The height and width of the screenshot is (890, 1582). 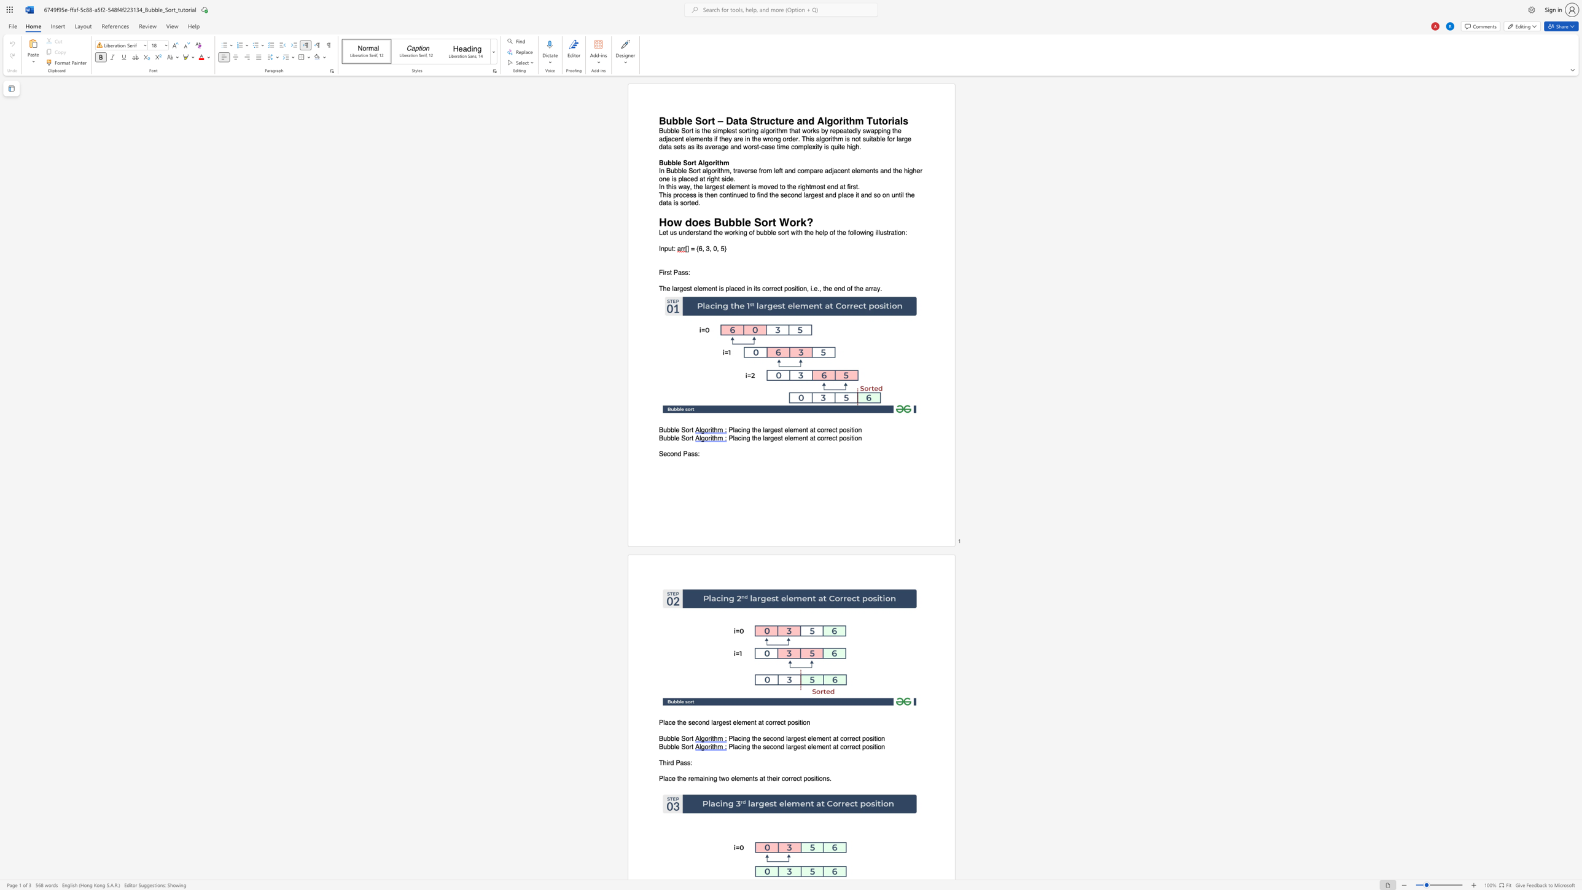 I want to click on the subset text "ing a" within the text "Bubble Sort is the simplest sorting algorithm that works by repeatedly swapping the adjacent elements if they are in the wrong order. This algorithm is not suitable for large data sets as its average and worst-case time complexity is quite high.", so click(x=749, y=131).